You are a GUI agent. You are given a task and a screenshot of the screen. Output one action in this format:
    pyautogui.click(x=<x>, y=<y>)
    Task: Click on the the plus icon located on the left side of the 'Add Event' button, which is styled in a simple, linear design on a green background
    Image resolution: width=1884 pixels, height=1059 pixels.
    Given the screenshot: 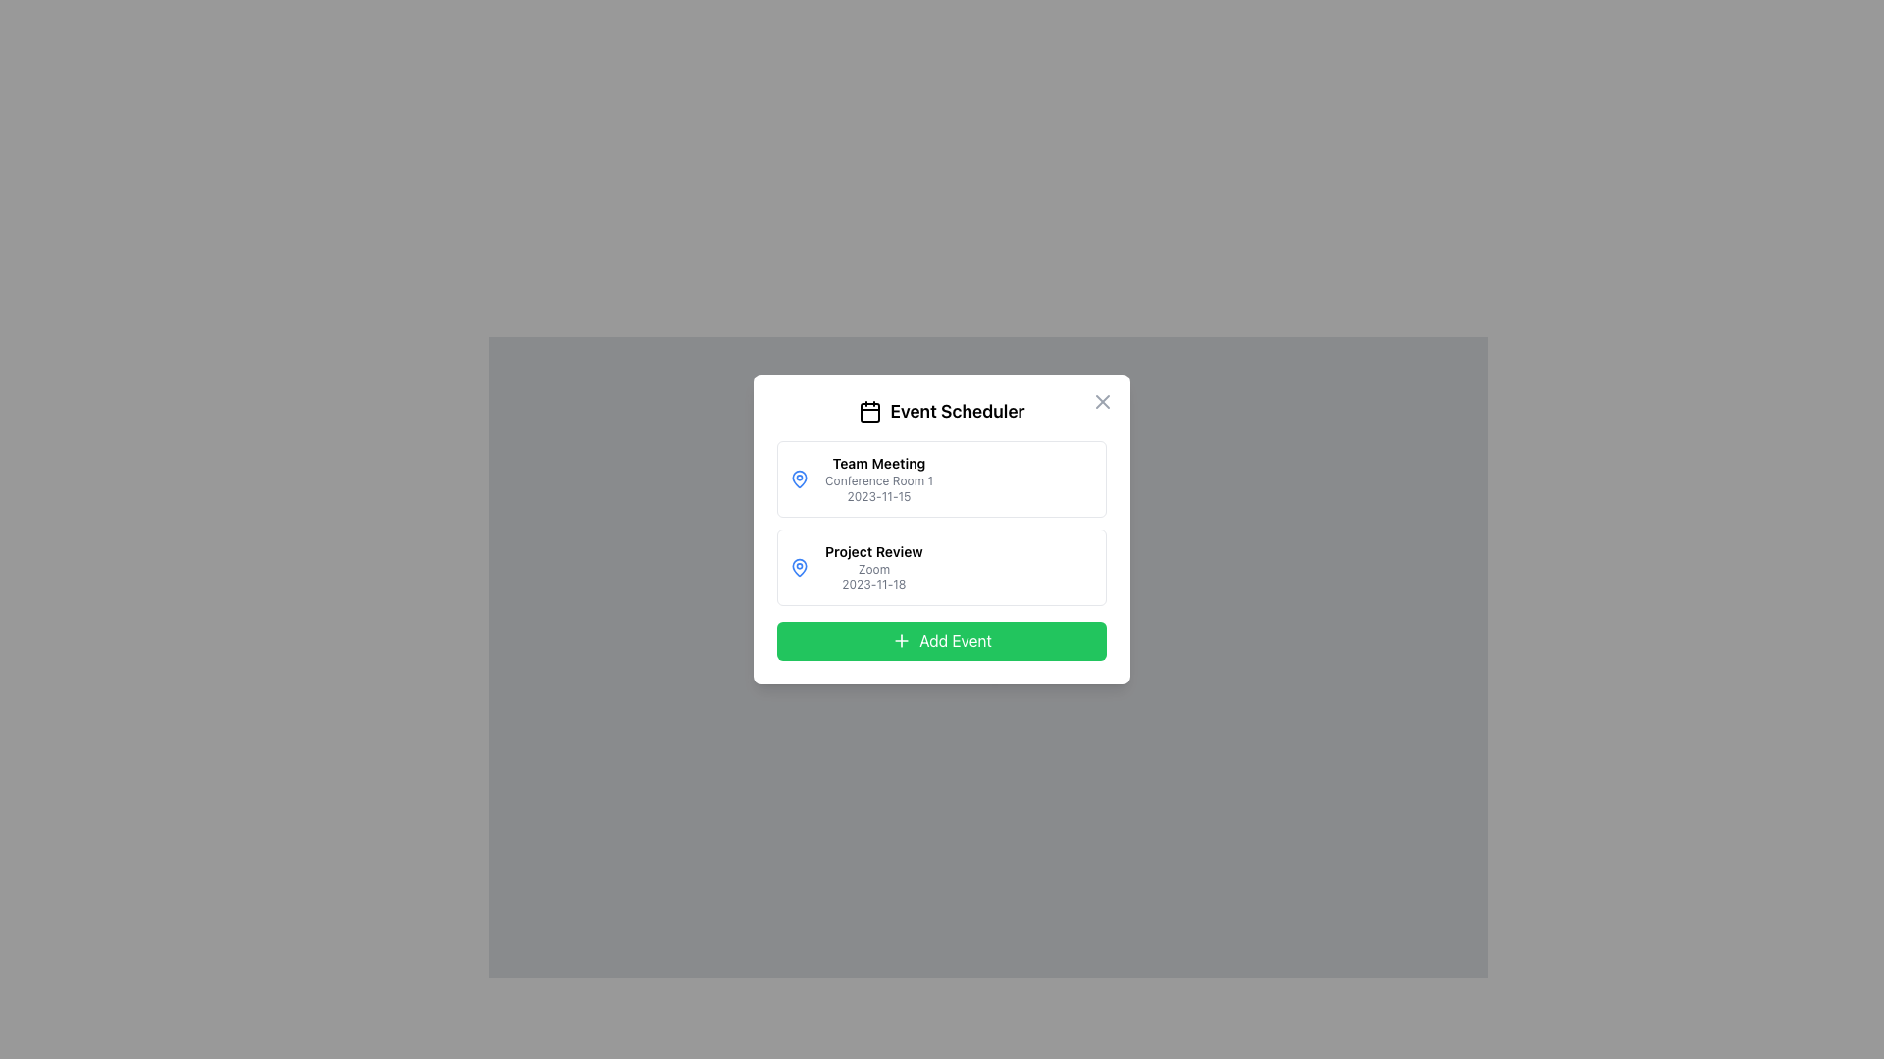 What is the action you would take?
    pyautogui.click(x=901, y=641)
    